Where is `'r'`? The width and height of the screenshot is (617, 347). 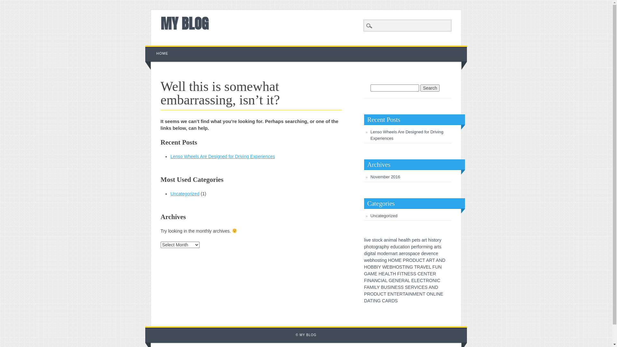
'r' is located at coordinates (395, 253).